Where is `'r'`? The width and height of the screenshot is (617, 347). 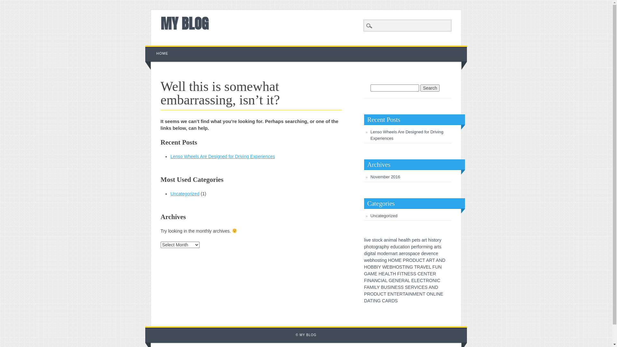
'r' is located at coordinates (395, 253).